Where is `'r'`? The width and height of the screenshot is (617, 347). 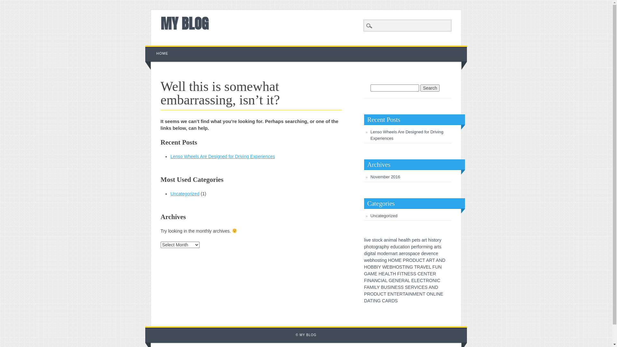
'r' is located at coordinates (395, 253).